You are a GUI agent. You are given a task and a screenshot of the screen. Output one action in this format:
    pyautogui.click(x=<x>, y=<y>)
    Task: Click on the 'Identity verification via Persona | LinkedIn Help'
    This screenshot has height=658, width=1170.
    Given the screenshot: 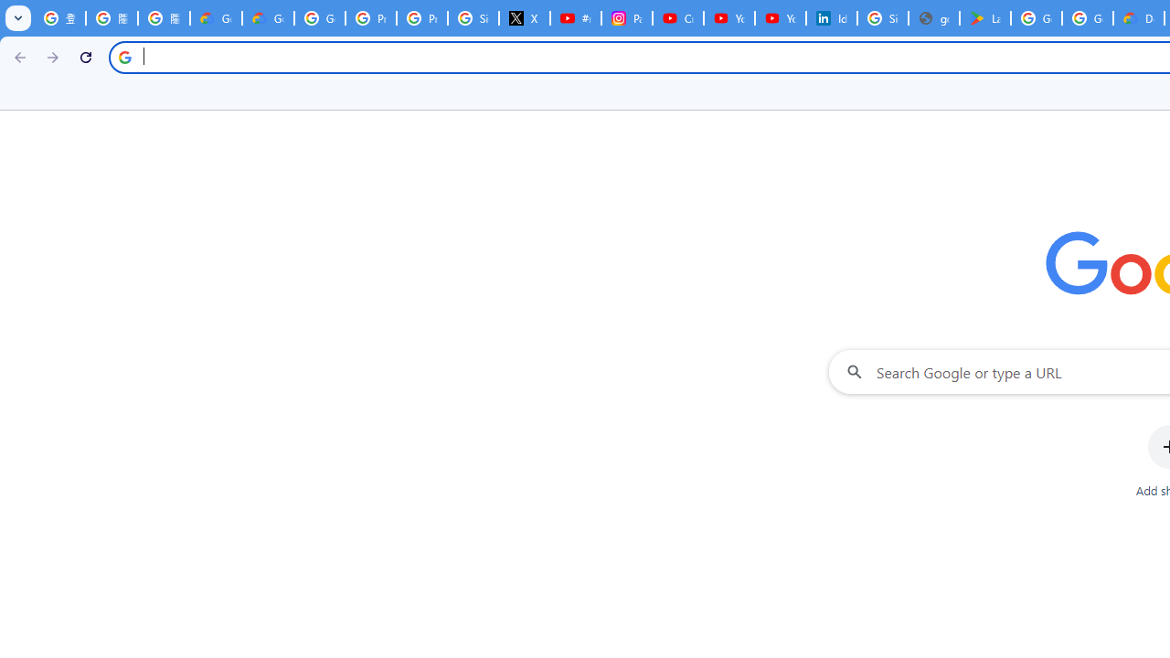 What is the action you would take?
    pyautogui.click(x=831, y=18)
    